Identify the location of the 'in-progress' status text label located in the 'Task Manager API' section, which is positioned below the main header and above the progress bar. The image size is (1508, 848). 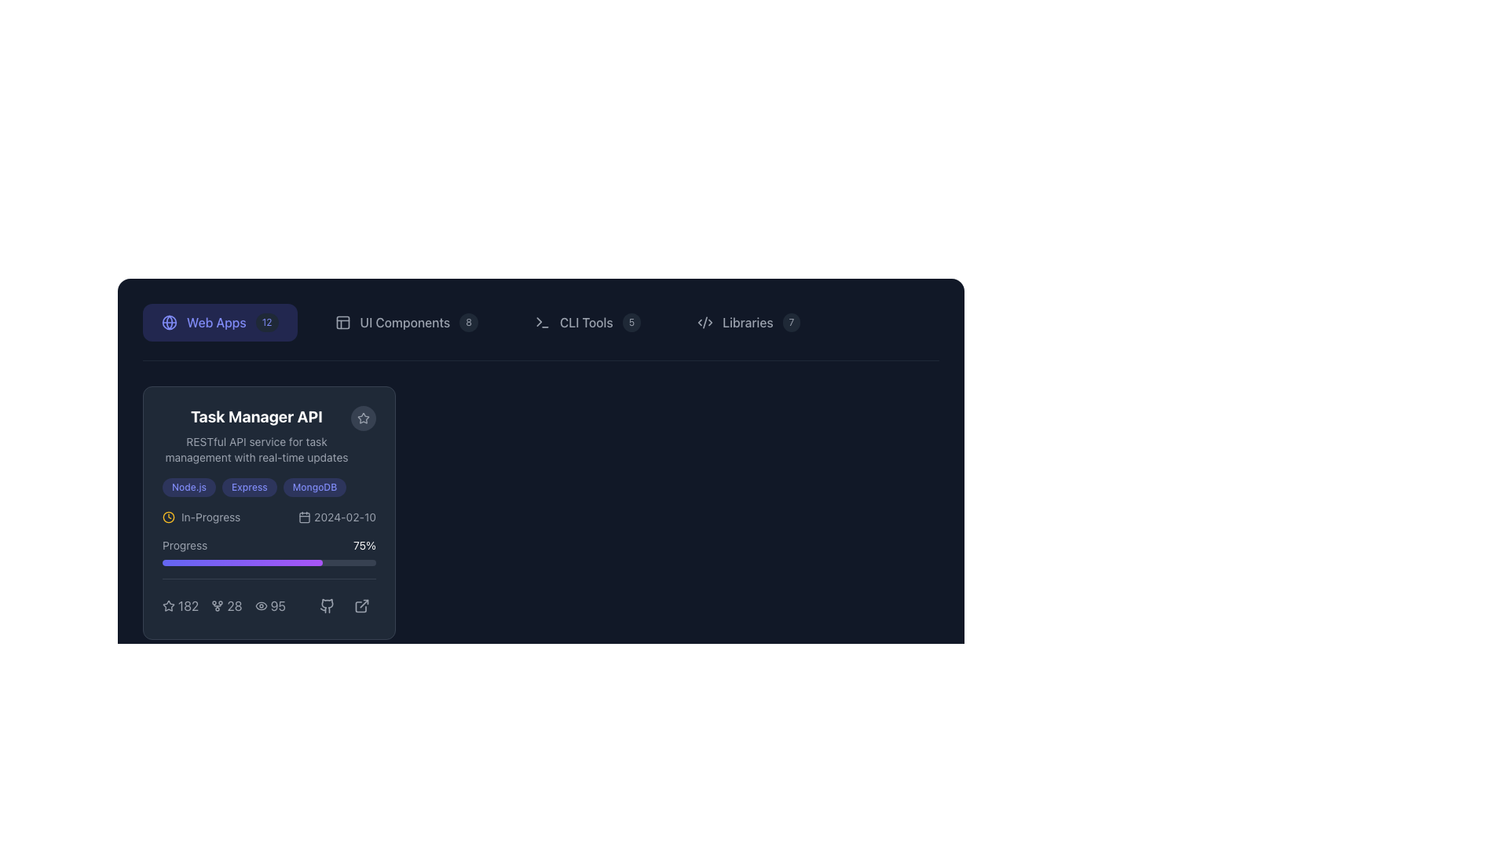
(210, 517).